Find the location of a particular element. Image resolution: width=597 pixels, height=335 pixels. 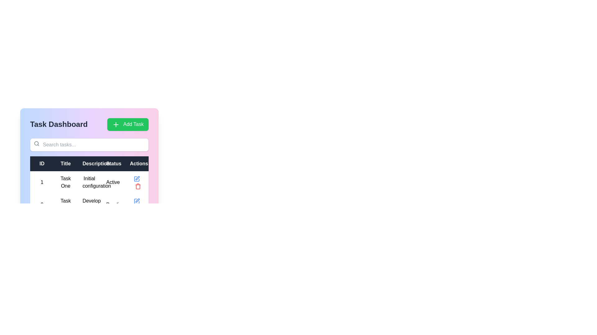

the third row of the task information table in the dashboard is located at coordinates (89, 227).